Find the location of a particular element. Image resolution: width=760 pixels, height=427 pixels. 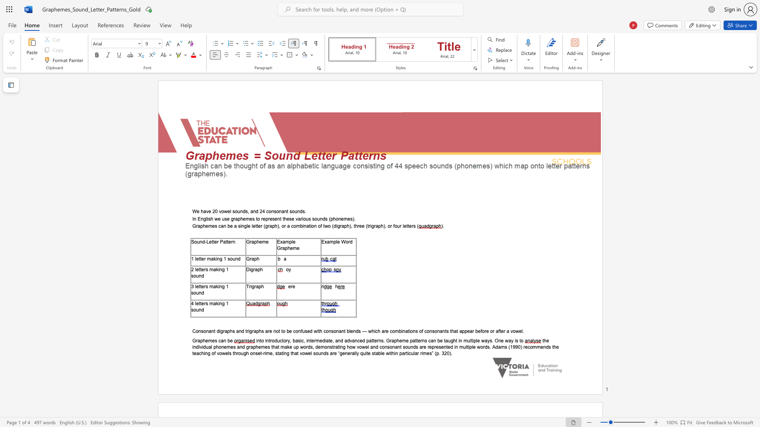

the subset text "g 1 soun" within the text "1 letter making 1 sound" is located at coordinates (220, 259).